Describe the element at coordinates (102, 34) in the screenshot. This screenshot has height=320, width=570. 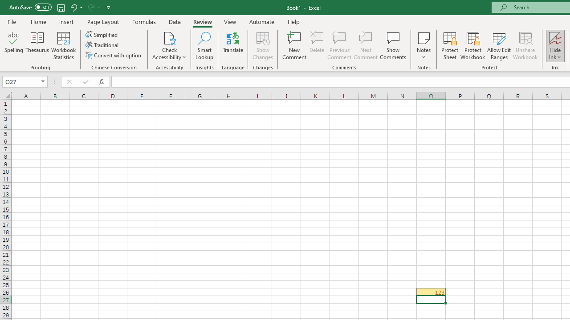
I see `'Simplified'` at that location.